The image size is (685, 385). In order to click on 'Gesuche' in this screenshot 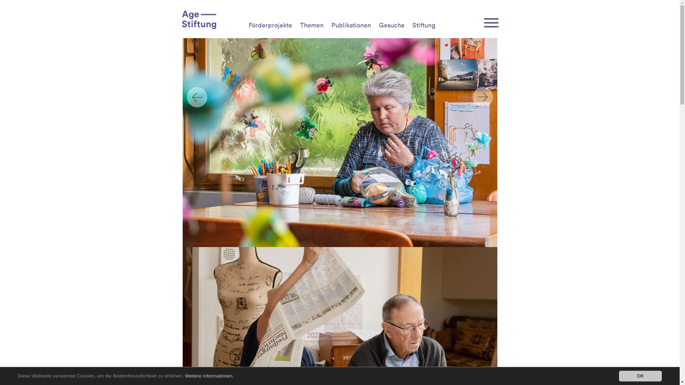, I will do `click(391, 25)`.